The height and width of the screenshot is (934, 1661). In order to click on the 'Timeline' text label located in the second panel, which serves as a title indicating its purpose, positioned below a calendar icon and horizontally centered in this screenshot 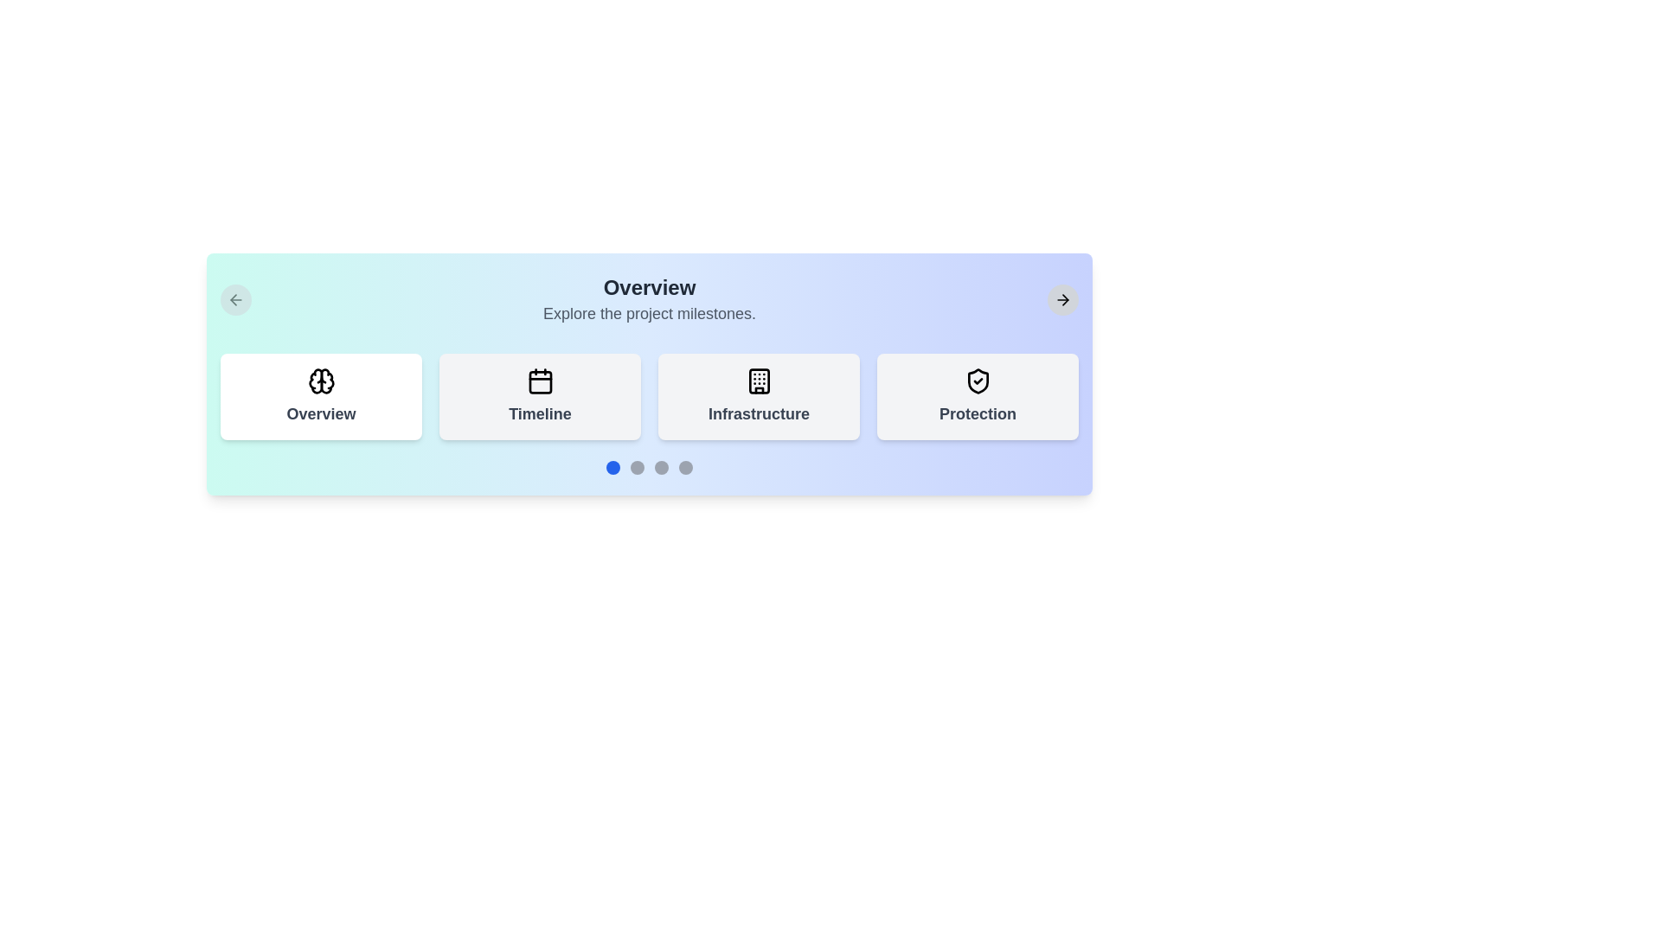, I will do `click(539, 413)`.